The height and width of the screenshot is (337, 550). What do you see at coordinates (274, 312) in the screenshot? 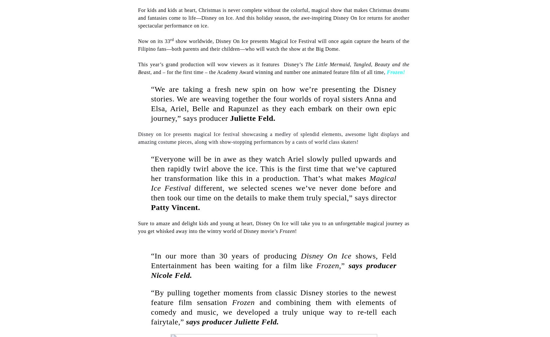
I see `'and combining them with elements of comedy and music, we developed a truly unique way to re-tell each fairytale,”'` at bounding box center [274, 312].